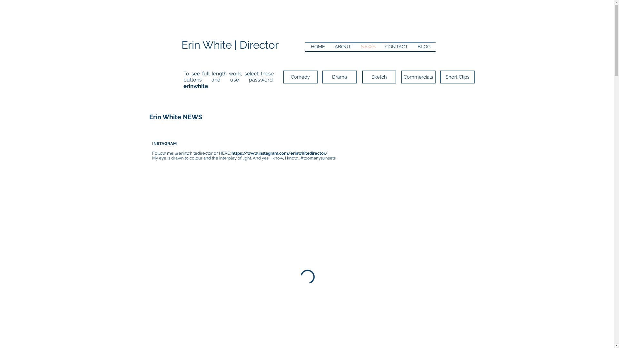 The width and height of the screenshot is (619, 348). Describe the element at coordinates (457, 77) in the screenshot. I see `'Short Clips'` at that location.